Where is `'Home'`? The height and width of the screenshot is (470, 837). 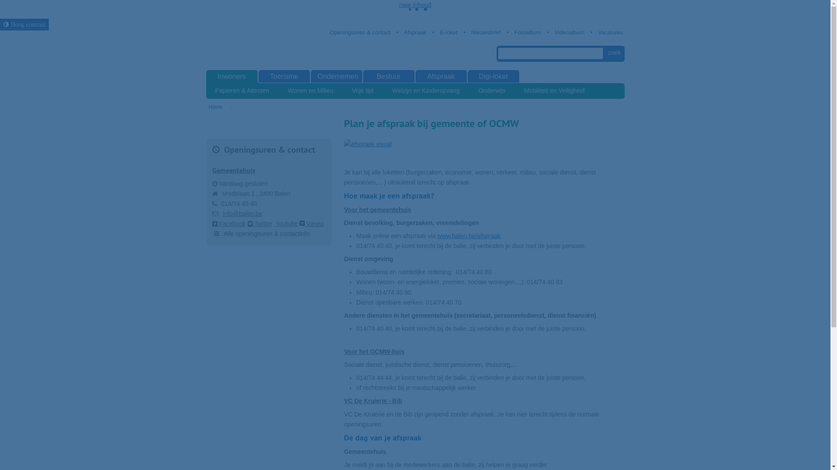 'Home' is located at coordinates (208, 107).